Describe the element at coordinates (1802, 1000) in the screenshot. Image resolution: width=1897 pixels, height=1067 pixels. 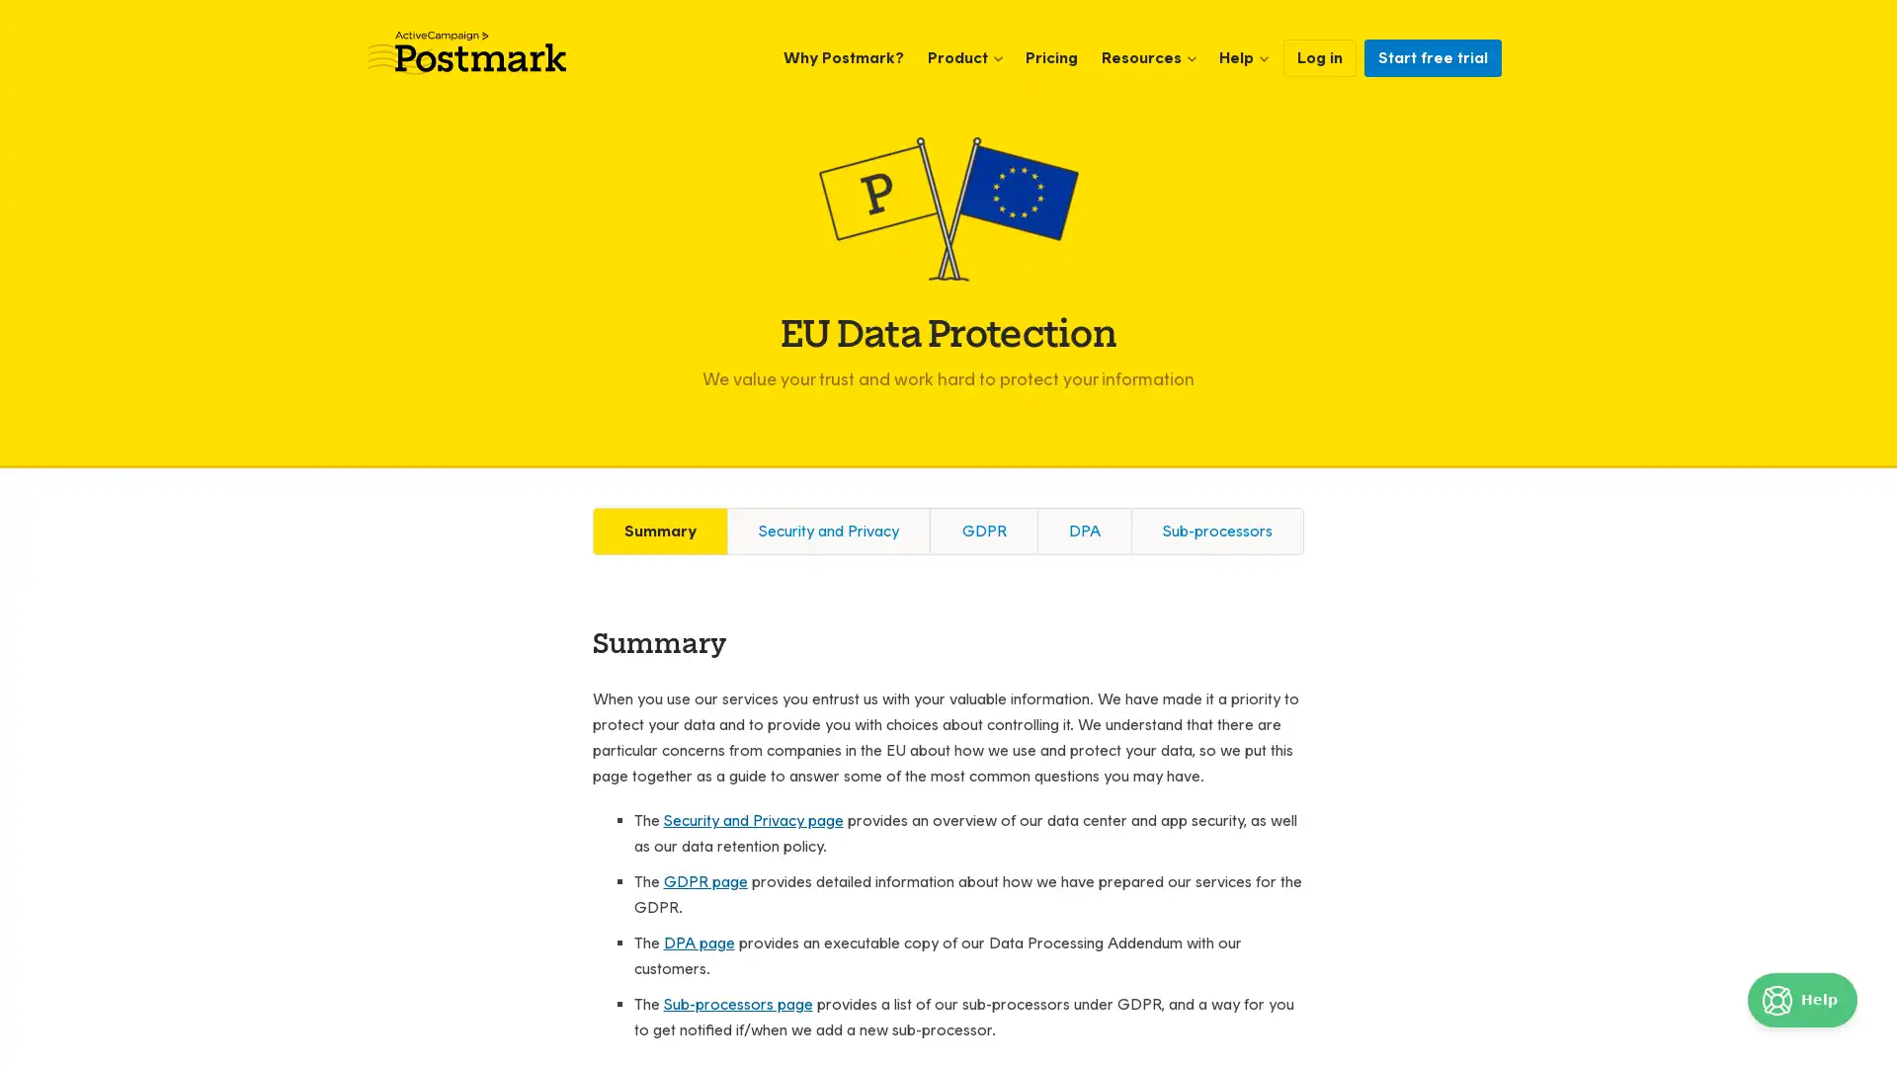
I see `Help` at that location.